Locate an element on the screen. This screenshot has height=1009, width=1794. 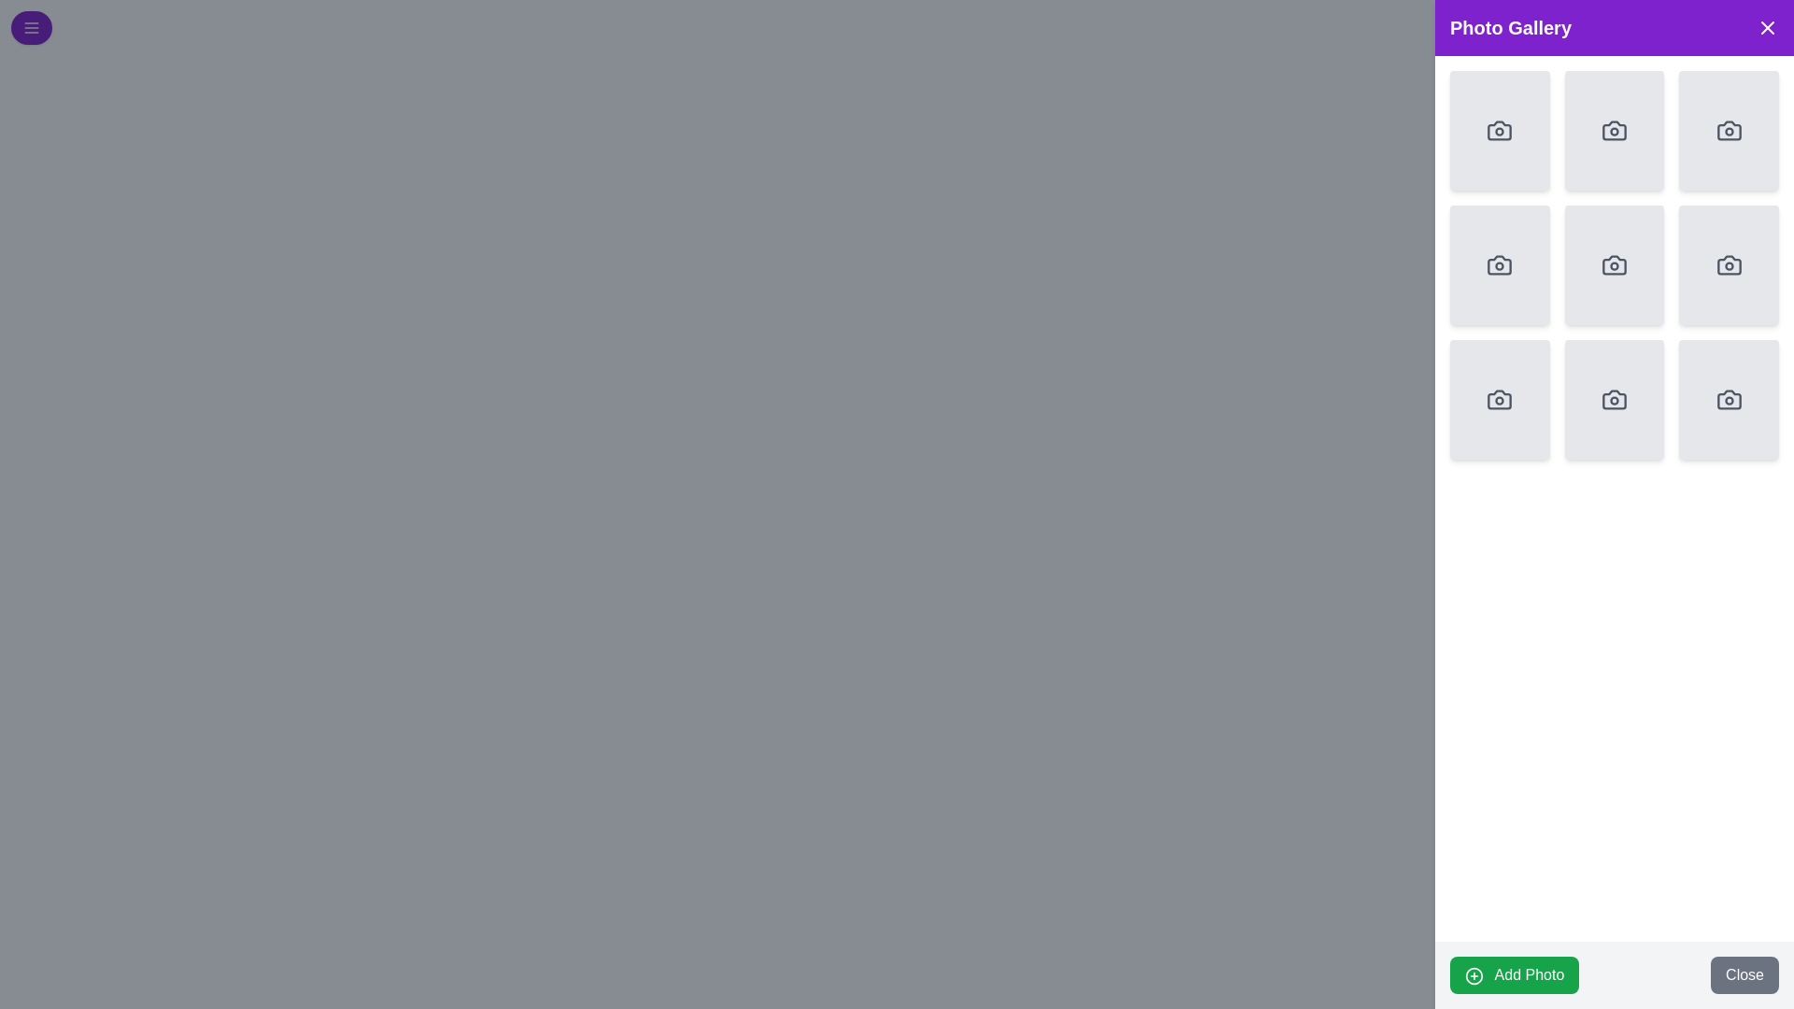
the minimalistic camera icon located in the bottom-right cell of a grid, which has a gray outline and a transparent background is located at coordinates (1728, 399).